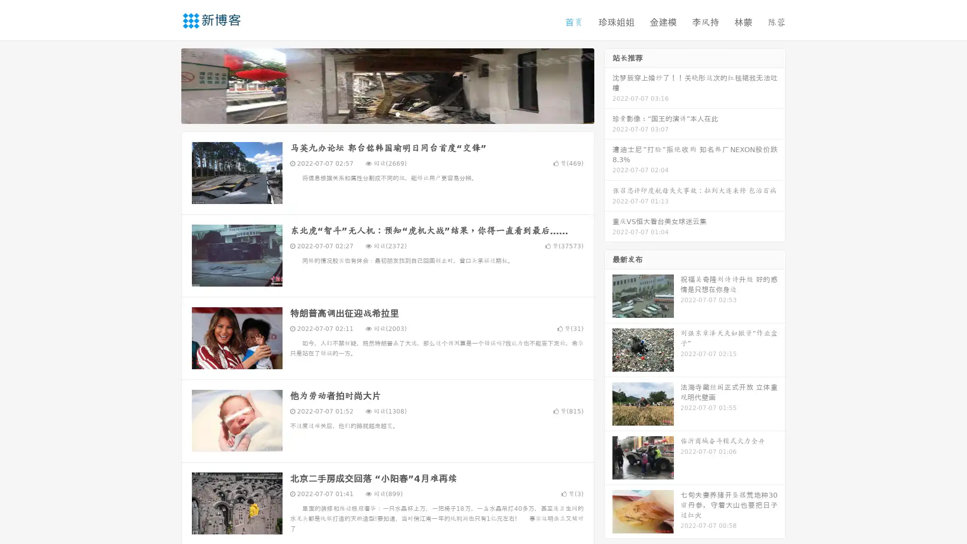 This screenshot has height=544, width=967. Describe the element at coordinates (166, 85) in the screenshot. I see `Previous slide` at that location.